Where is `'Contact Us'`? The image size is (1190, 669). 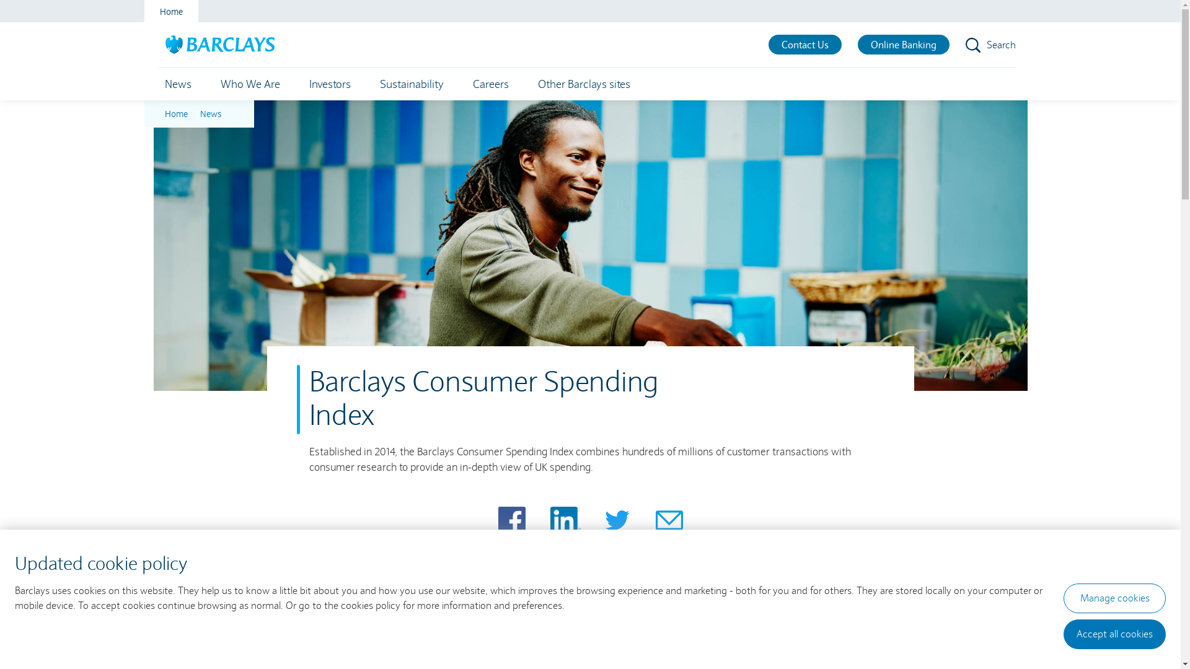
'Contact Us' is located at coordinates (767, 44).